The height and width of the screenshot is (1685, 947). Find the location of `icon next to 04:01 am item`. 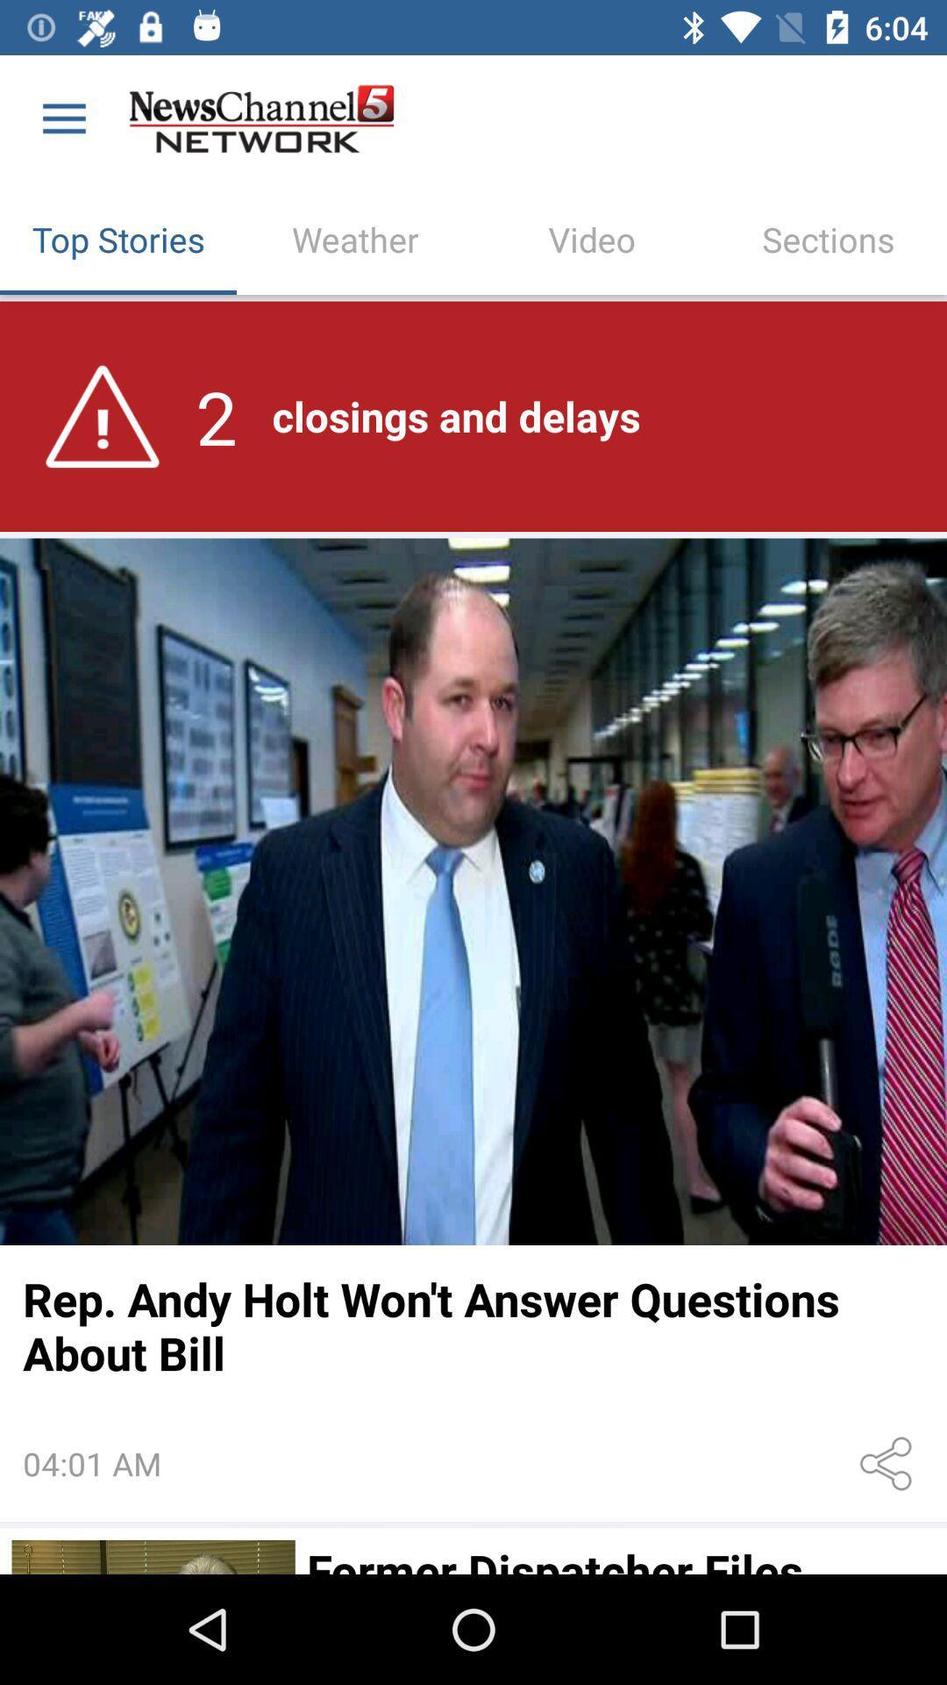

icon next to 04:01 am item is located at coordinates (889, 1464).